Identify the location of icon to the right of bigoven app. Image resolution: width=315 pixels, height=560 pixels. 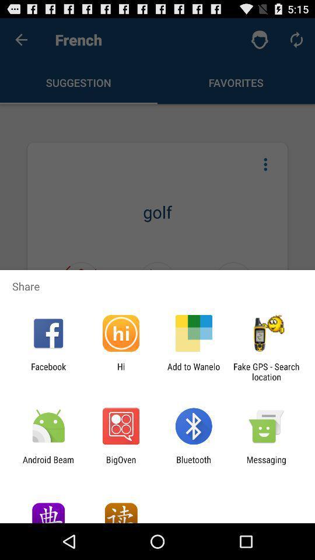
(194, 464).